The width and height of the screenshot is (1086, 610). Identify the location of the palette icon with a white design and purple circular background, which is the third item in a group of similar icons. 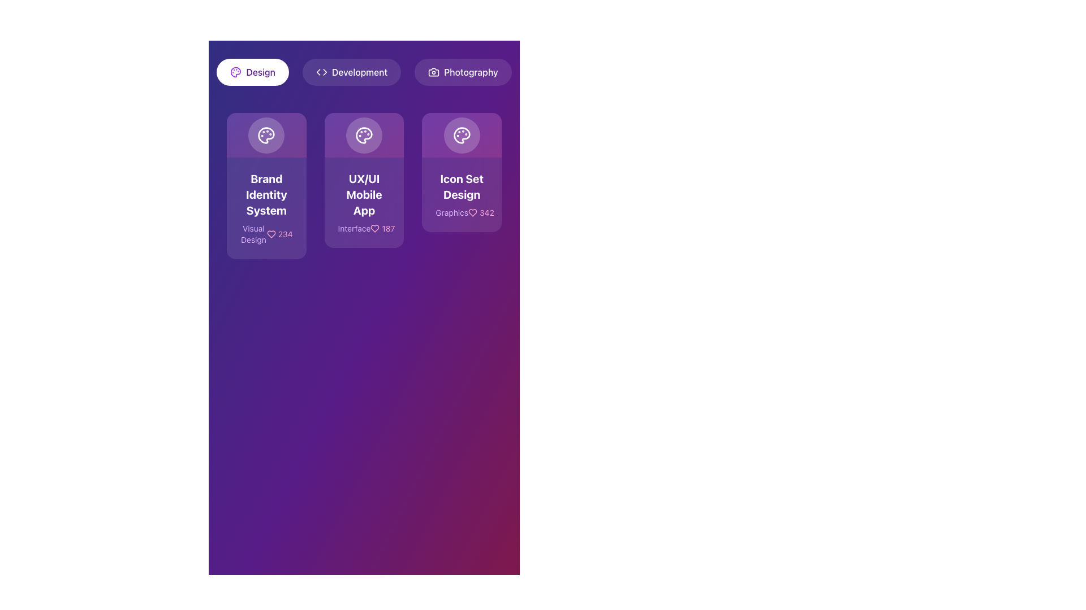
(462, 134).